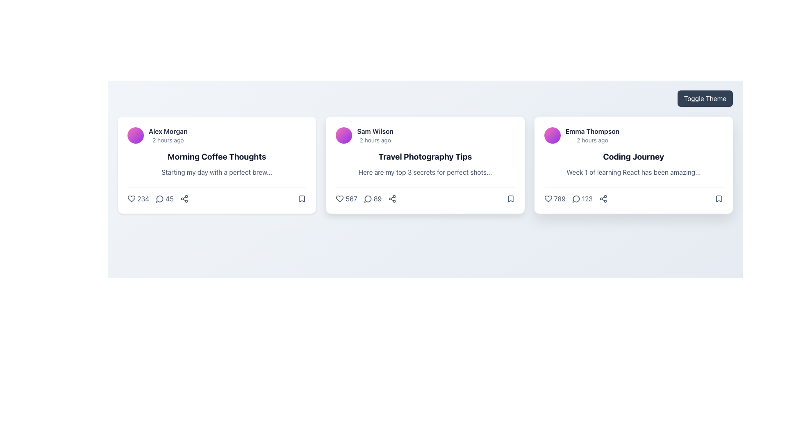  I want to click on the comment count label located to the right of the comment icon in the interaction panel of the post card titled 'Morning Coffee Thoughts' by 'Alex Morgan', so click(169, 199).